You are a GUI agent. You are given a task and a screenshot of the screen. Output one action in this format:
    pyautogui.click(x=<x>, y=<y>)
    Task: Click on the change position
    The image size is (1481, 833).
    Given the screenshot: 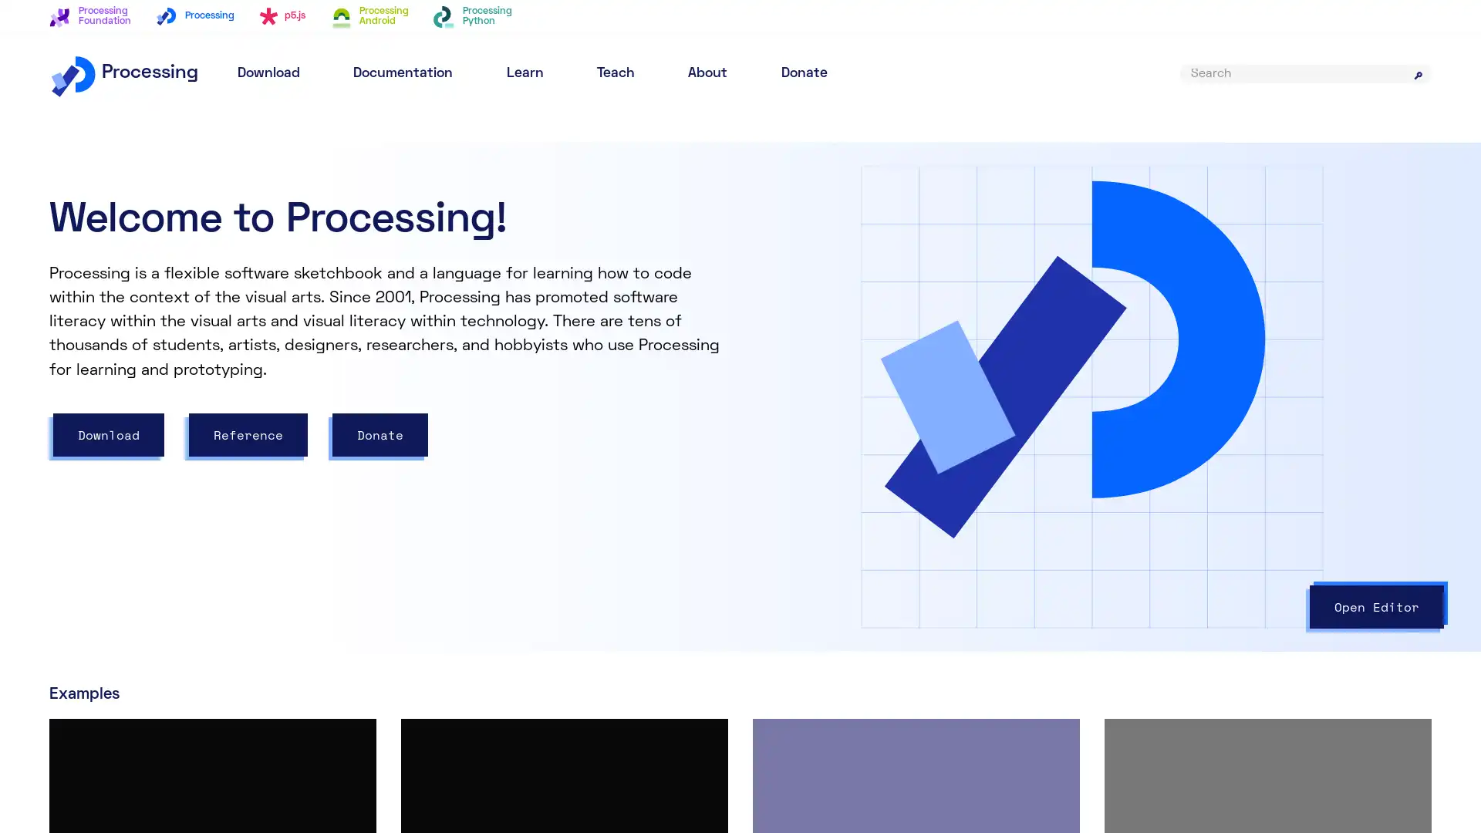 What is the action you would take?
    pyautogui.click(x=920, y=528)
    